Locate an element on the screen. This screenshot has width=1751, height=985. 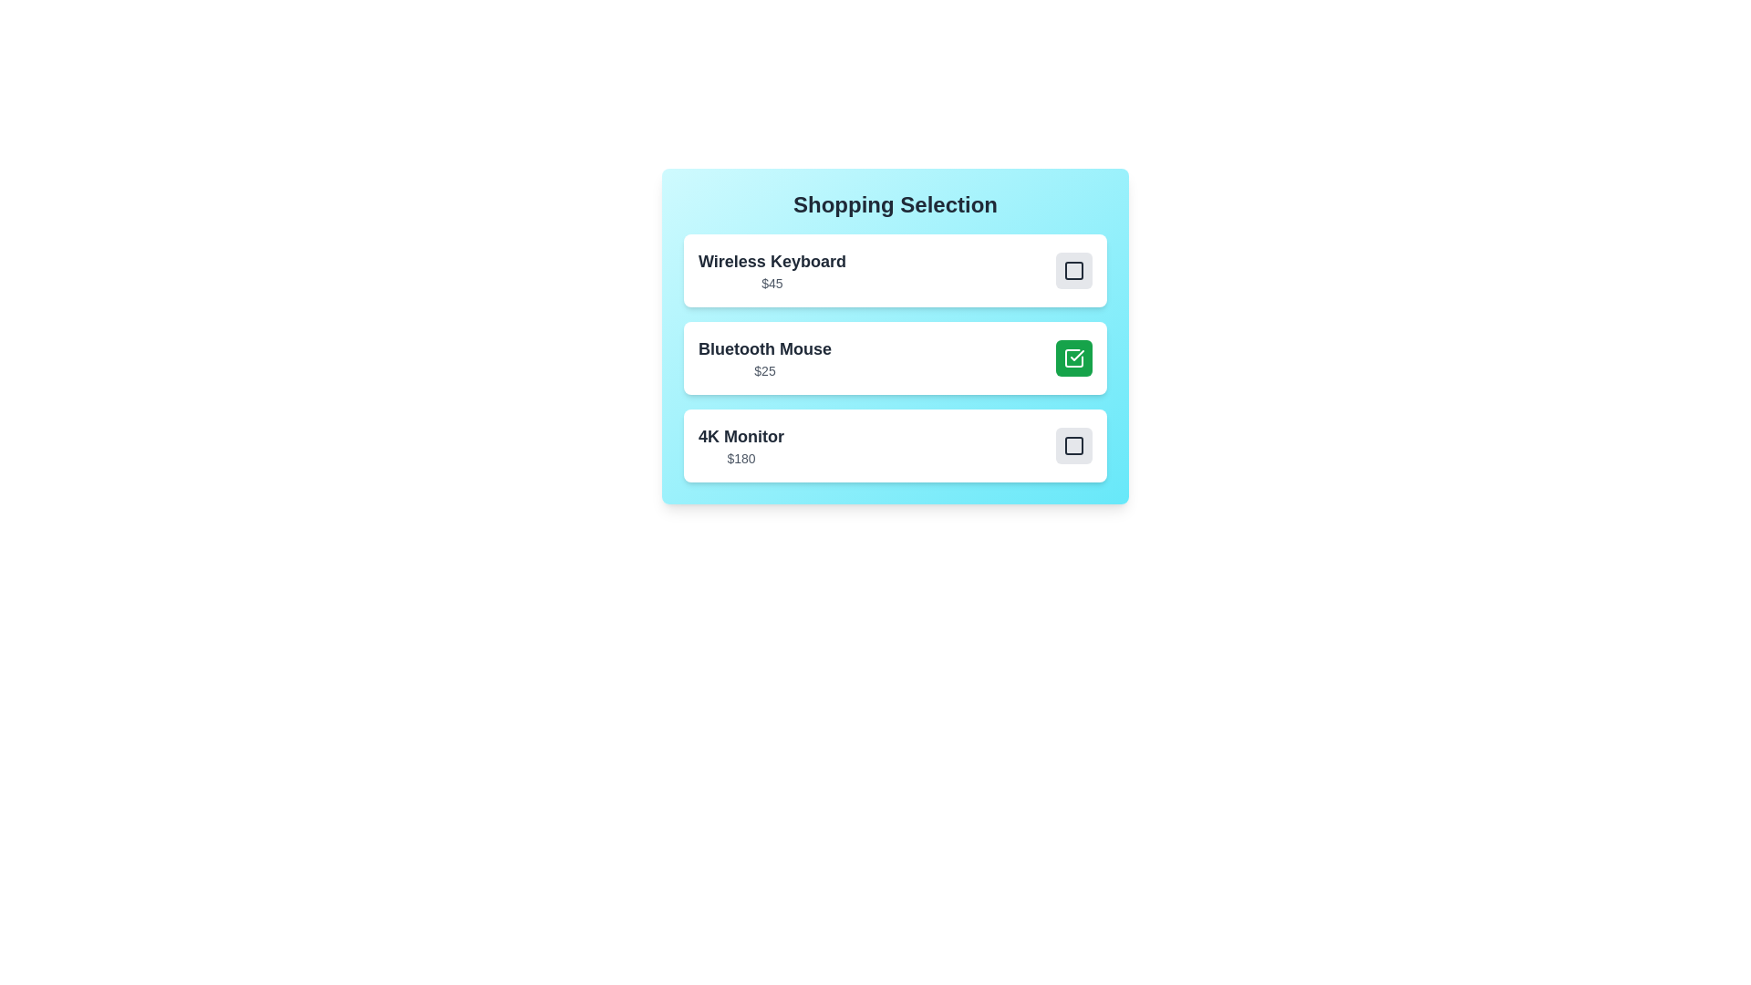
the toggleable checkbox for selecting or deselecting the '4K Monitor' item located in the bottom-right corner of its row in the shopping list interface to observe potential visual feedback is located at coordinates (1073, 446).